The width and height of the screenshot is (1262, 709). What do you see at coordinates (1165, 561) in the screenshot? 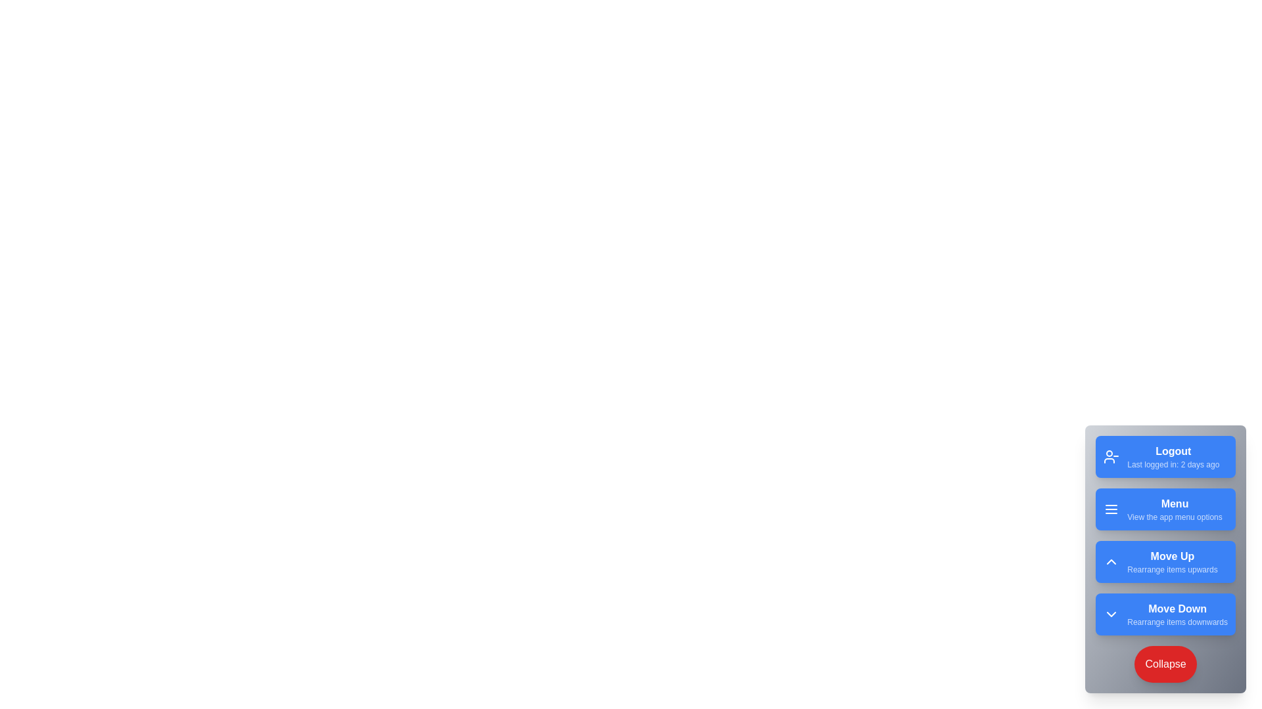
I see `the button that rearranges items upwards in the list, located centrally within the vertical stack of action buttons, specifically the third button below 'Logout' and 'Menu', and above 'Move Down'` at bounding box center [1165, 561].